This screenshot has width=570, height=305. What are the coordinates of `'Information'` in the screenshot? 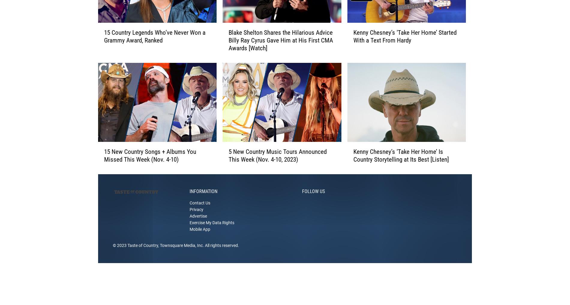 It's located at (203, 200).